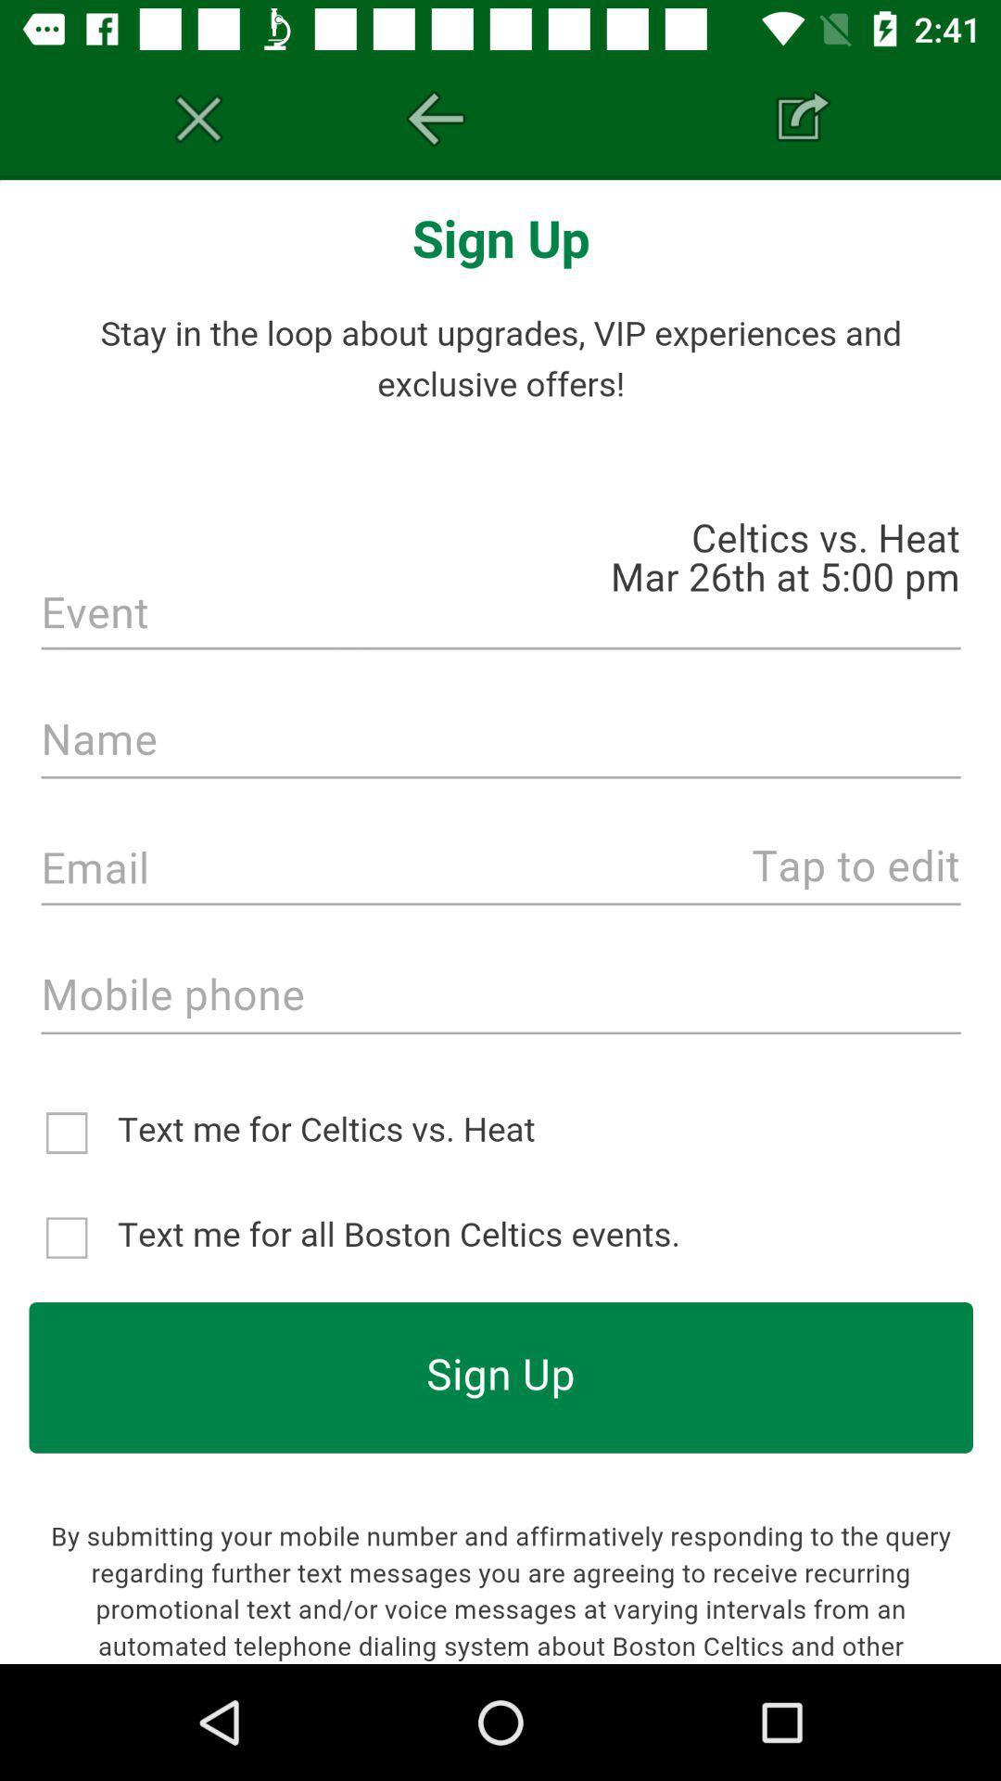  What do you see at coordinates (198, 118) in the screenshot?
I see `screen` at bounding box center [198, 118].